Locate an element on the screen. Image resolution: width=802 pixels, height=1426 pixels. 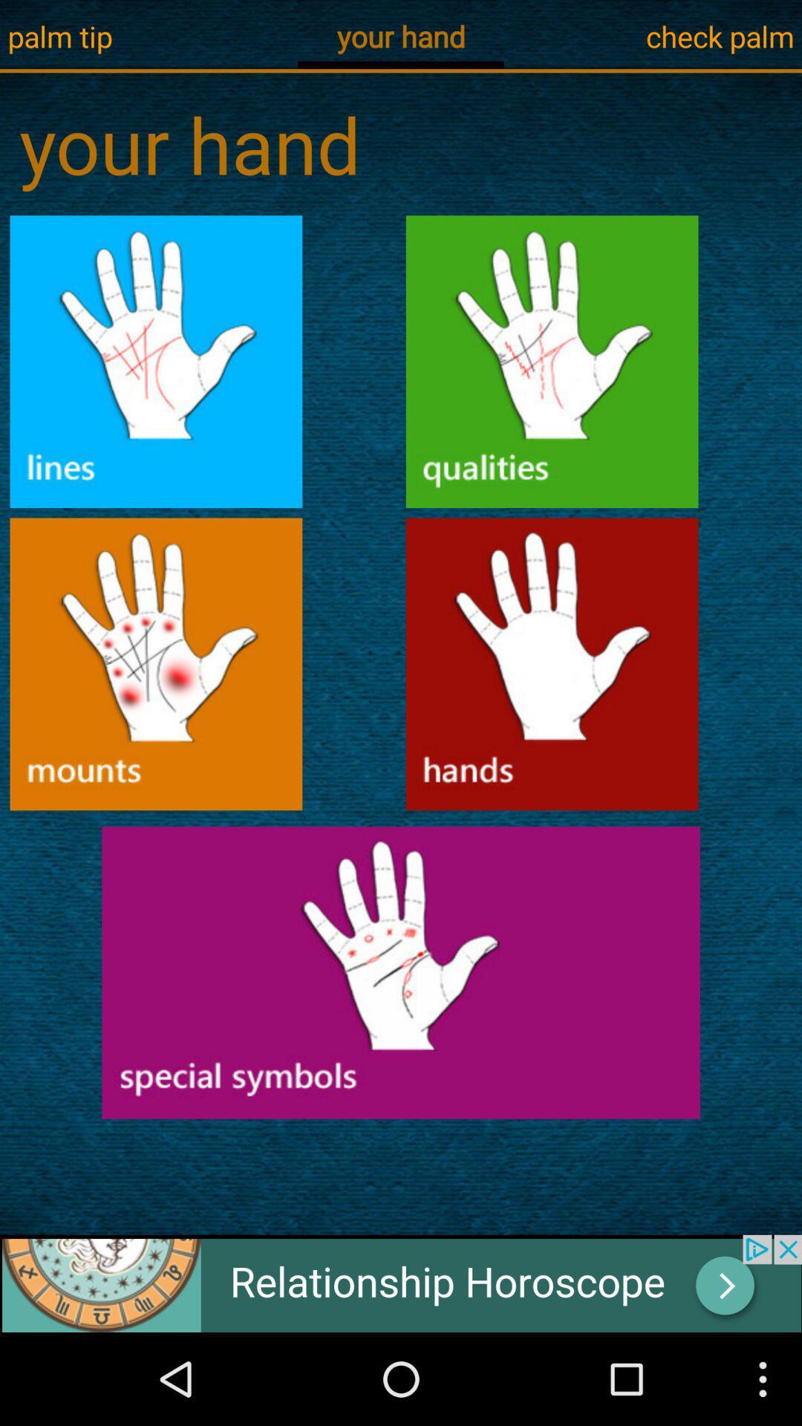
hand lines is located at coordinates (156, 362).